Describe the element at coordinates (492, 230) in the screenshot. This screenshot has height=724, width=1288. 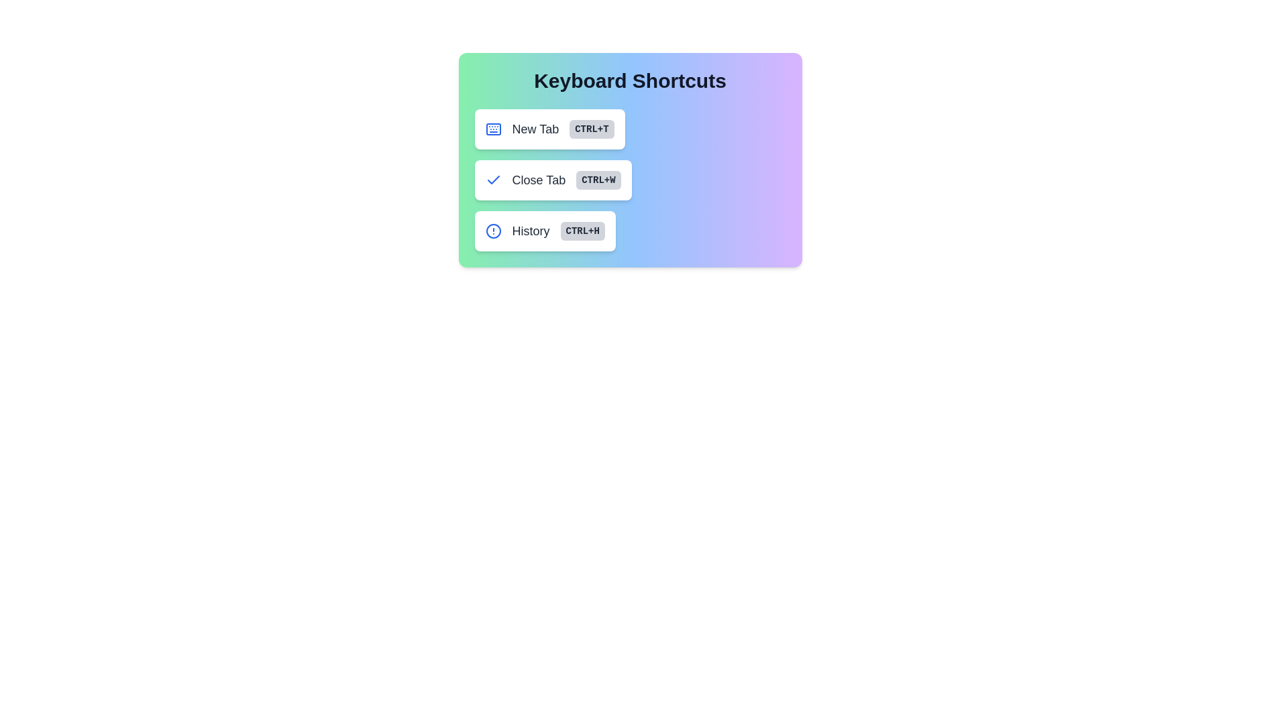
I see `the circular graphical element within the alert icon that represents the alert functionality, located in the leftmost position of the 'History' entry in the third row of keyboard shortcuts` at that location.